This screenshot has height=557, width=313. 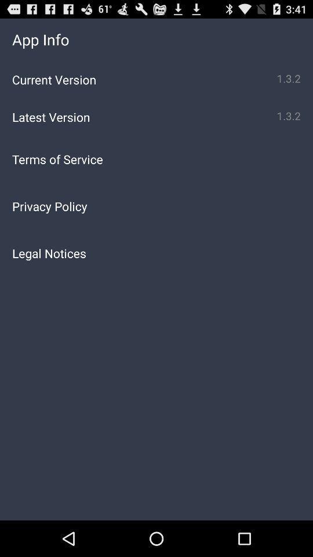 What do you see at coordinates (156, 158) in the screenshot?
I see `the app at the top` at bounding box center [156, 158].